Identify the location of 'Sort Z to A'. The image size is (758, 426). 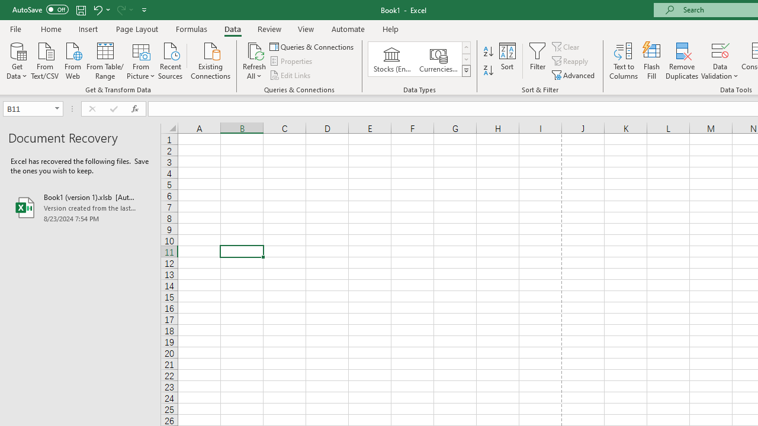
(488, 70).